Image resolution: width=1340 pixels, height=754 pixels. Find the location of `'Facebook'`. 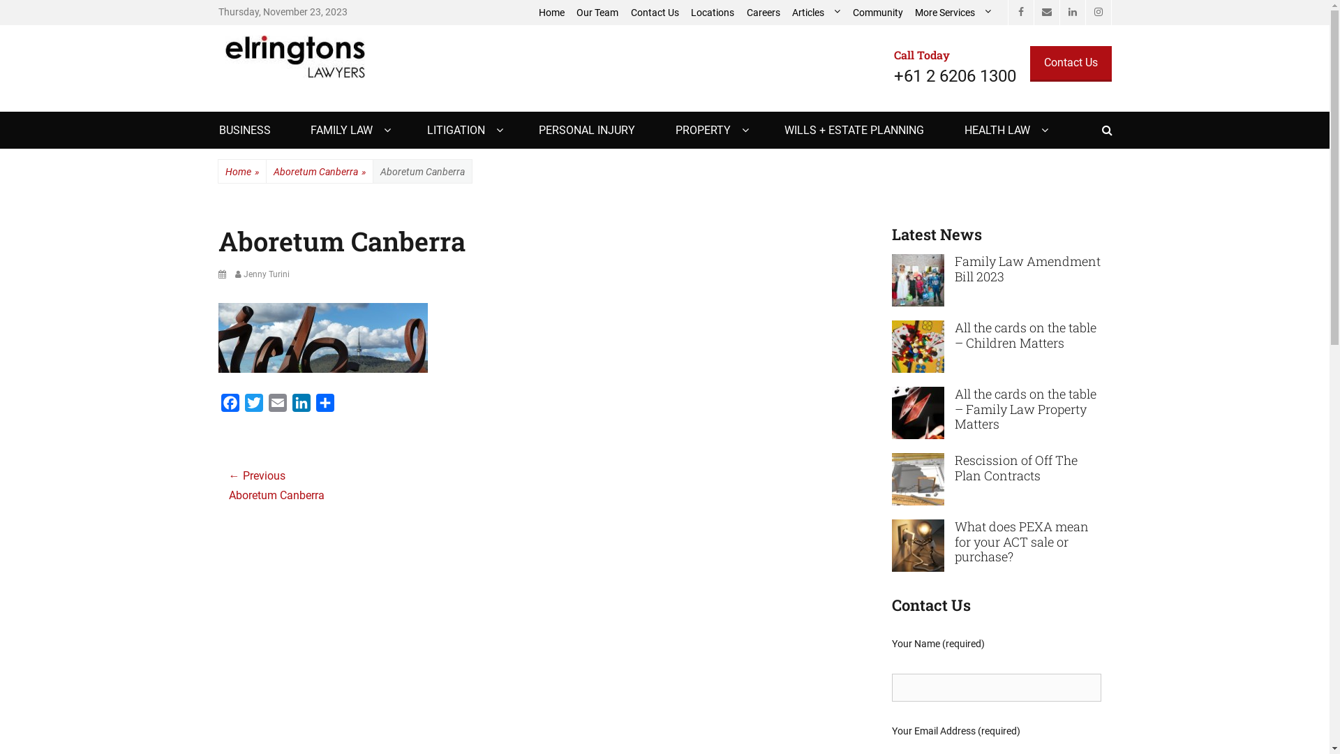

'Facebook' is located at coordinates (1020, 13).